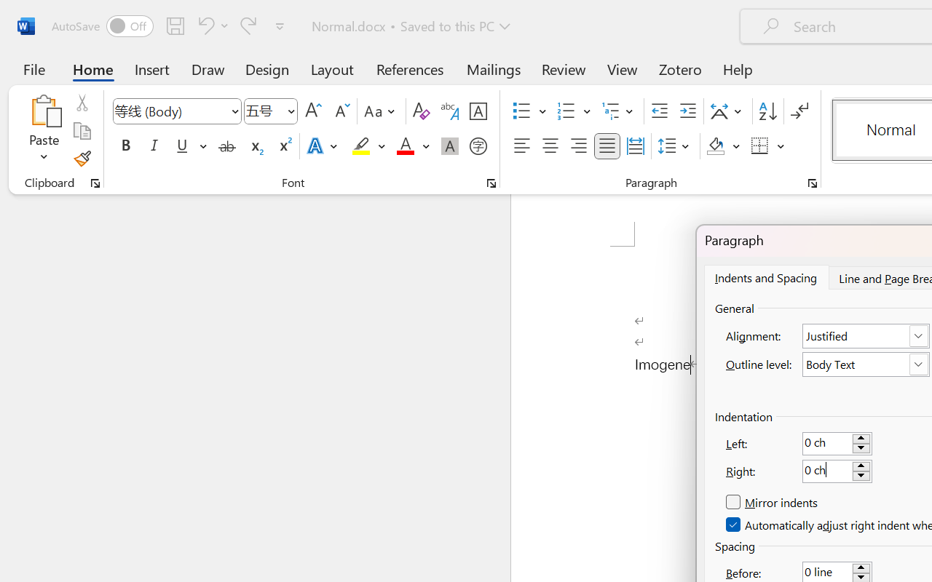 The height and width of the screenshot is (582, 932). What do you see at coordinates (619, 111) in the screenshot?
I see `'Multilevel List'` at bounding box center [619, 111].